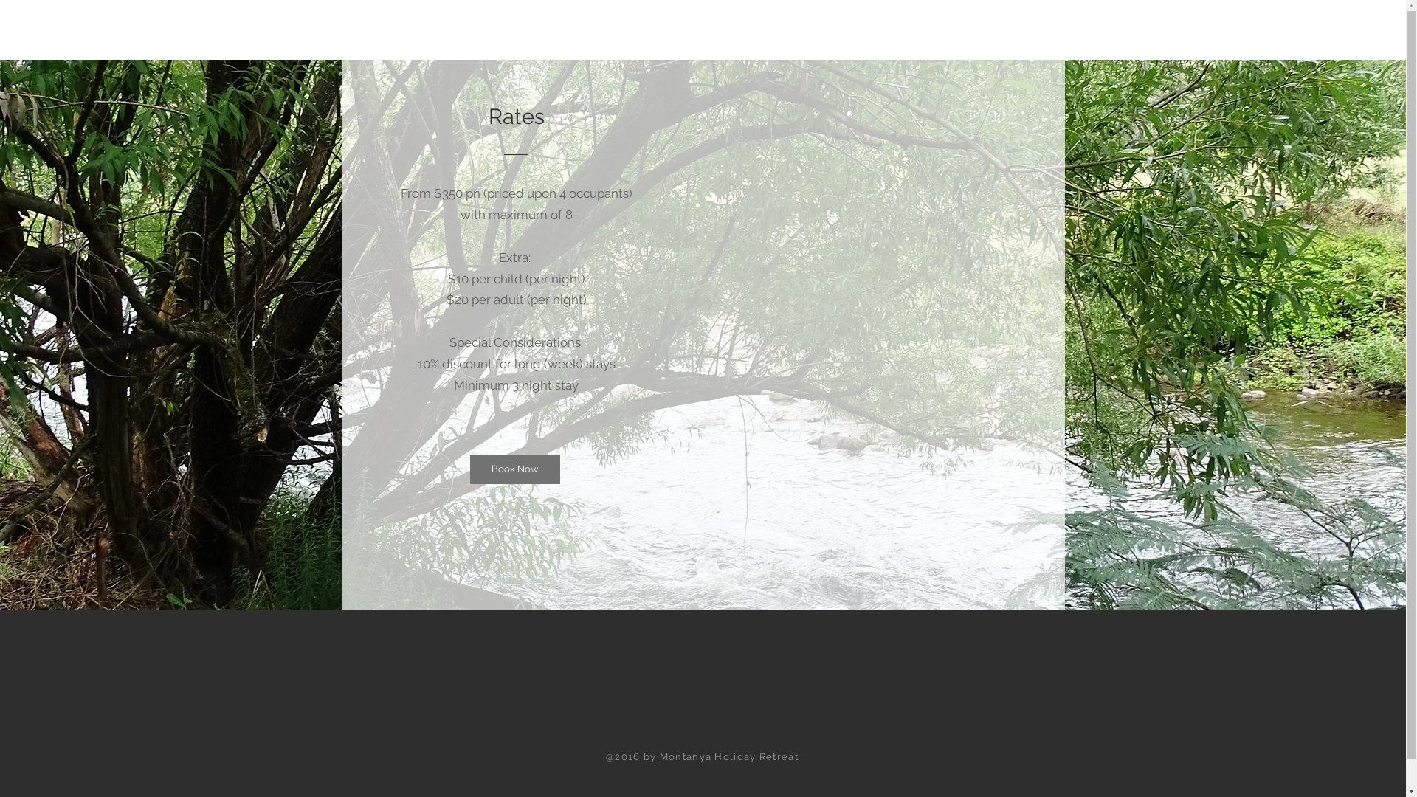 The image size is (1417, 797). Describe the element at coordinates (514, 469) in the screenshot. I see `'Book Now'` at that location.